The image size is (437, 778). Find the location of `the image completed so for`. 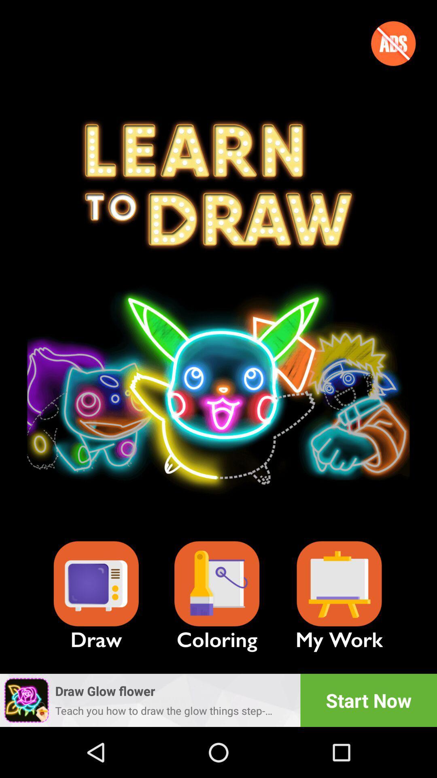

the image completed so for is located at coordinates (339, 584).